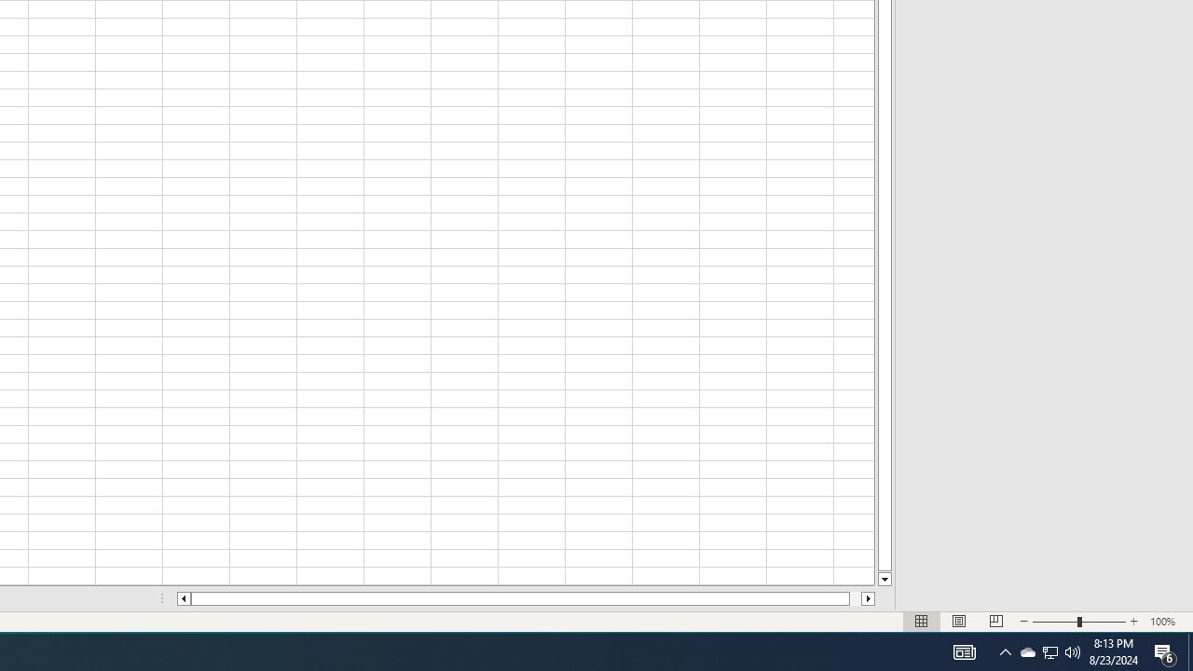 The image size is (1193, 671). What do you see at coordinates (1189, 650) in the screenshot?
I see `'Show desktop'` at bounding box center [1189, 650].